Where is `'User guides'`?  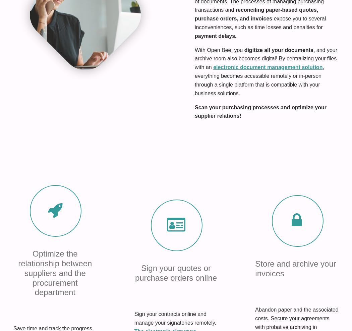
'User guides' is located at coordinates (94, 220).